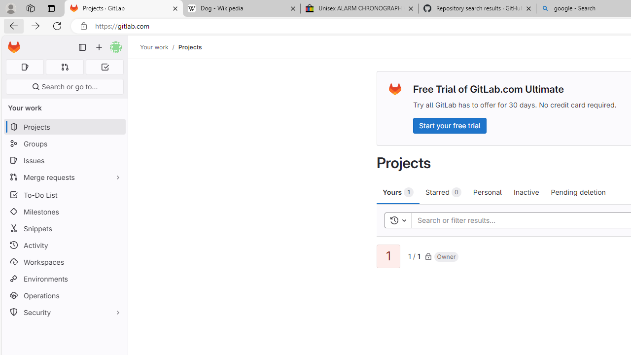  What do you see at coordinates (190, 47) in the screenshot?
I see `'Projects'` at bounding box center [190, 47].